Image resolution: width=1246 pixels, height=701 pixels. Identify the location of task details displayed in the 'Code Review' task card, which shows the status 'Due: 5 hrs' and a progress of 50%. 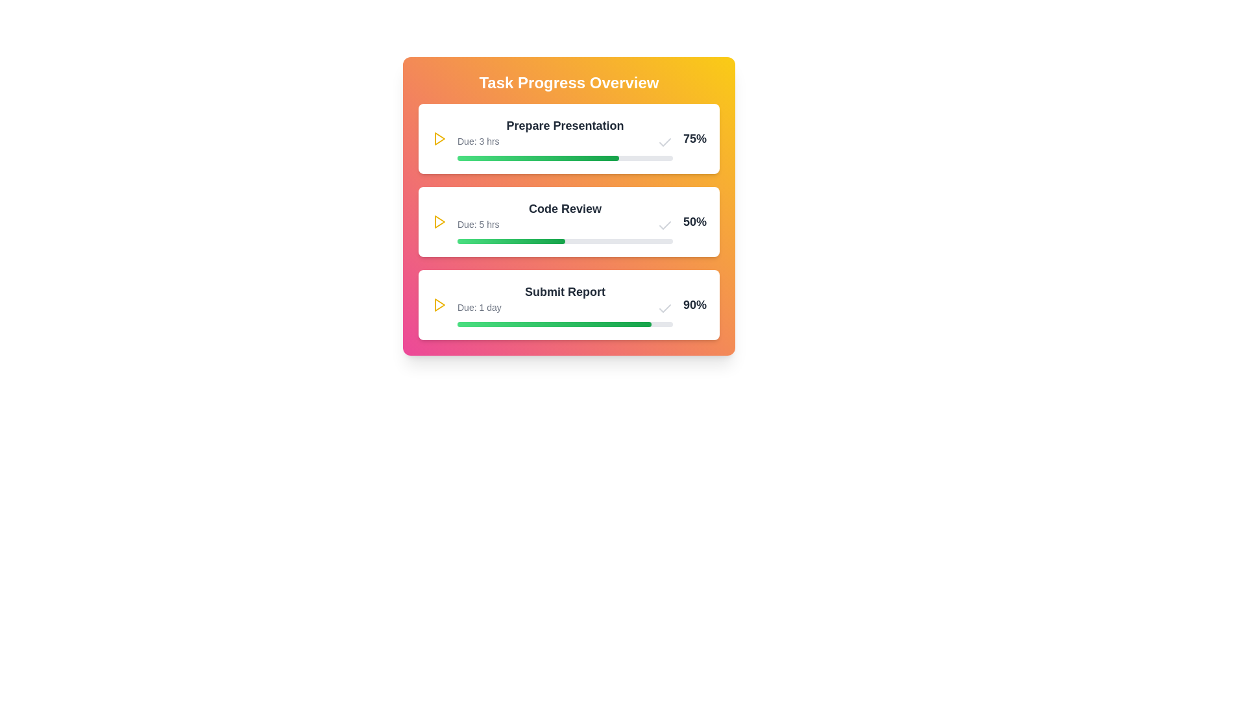
(569, 221).